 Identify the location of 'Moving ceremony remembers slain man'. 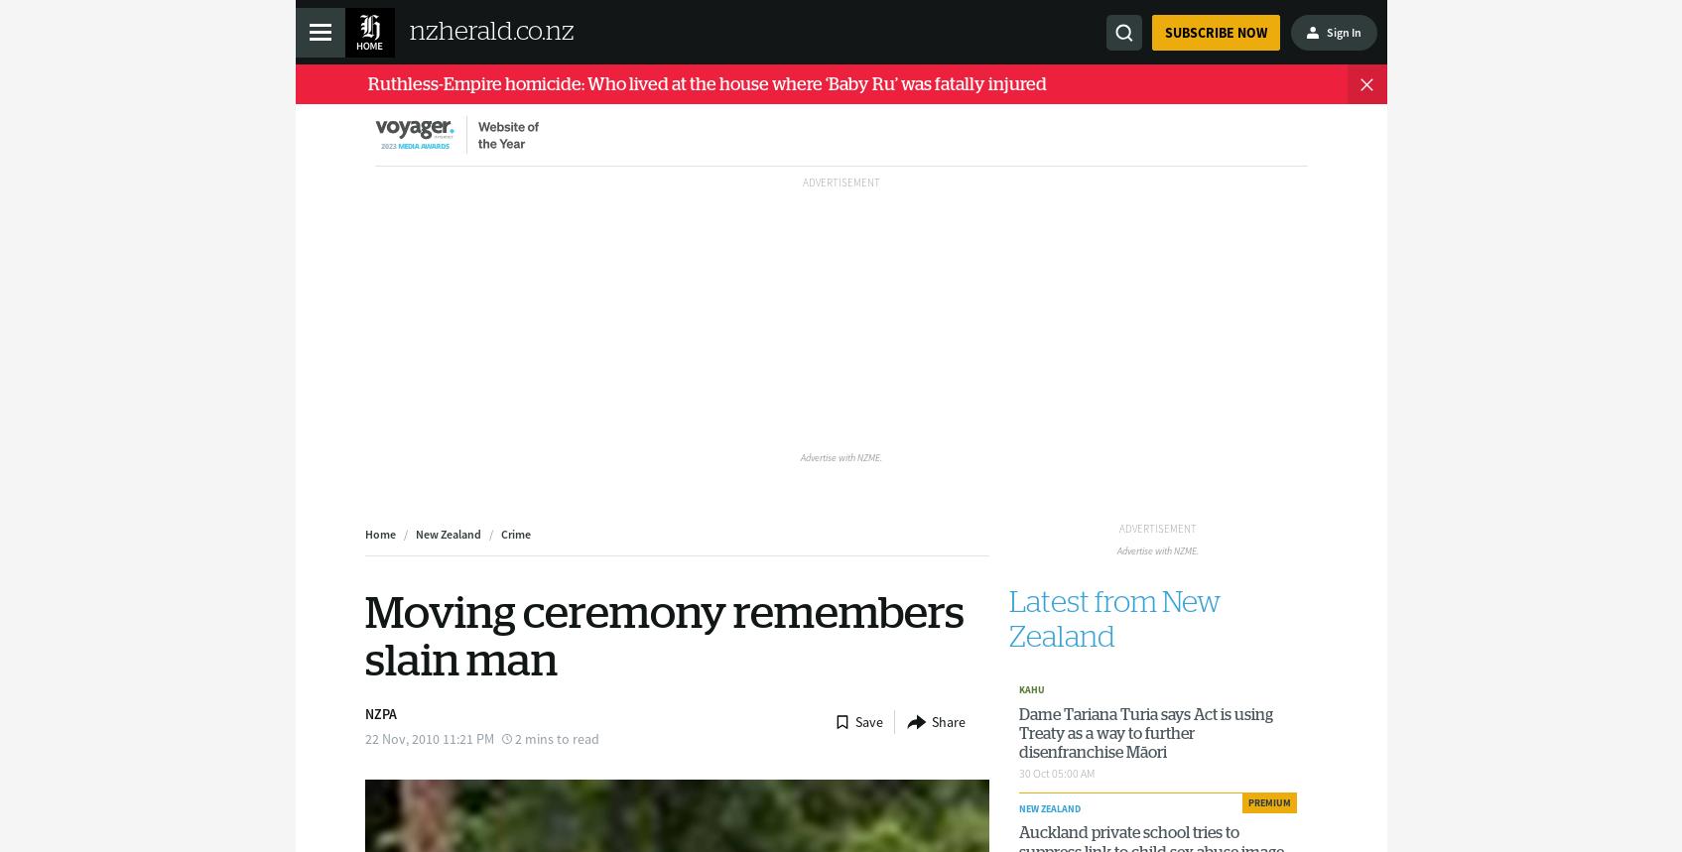
(664, 636).